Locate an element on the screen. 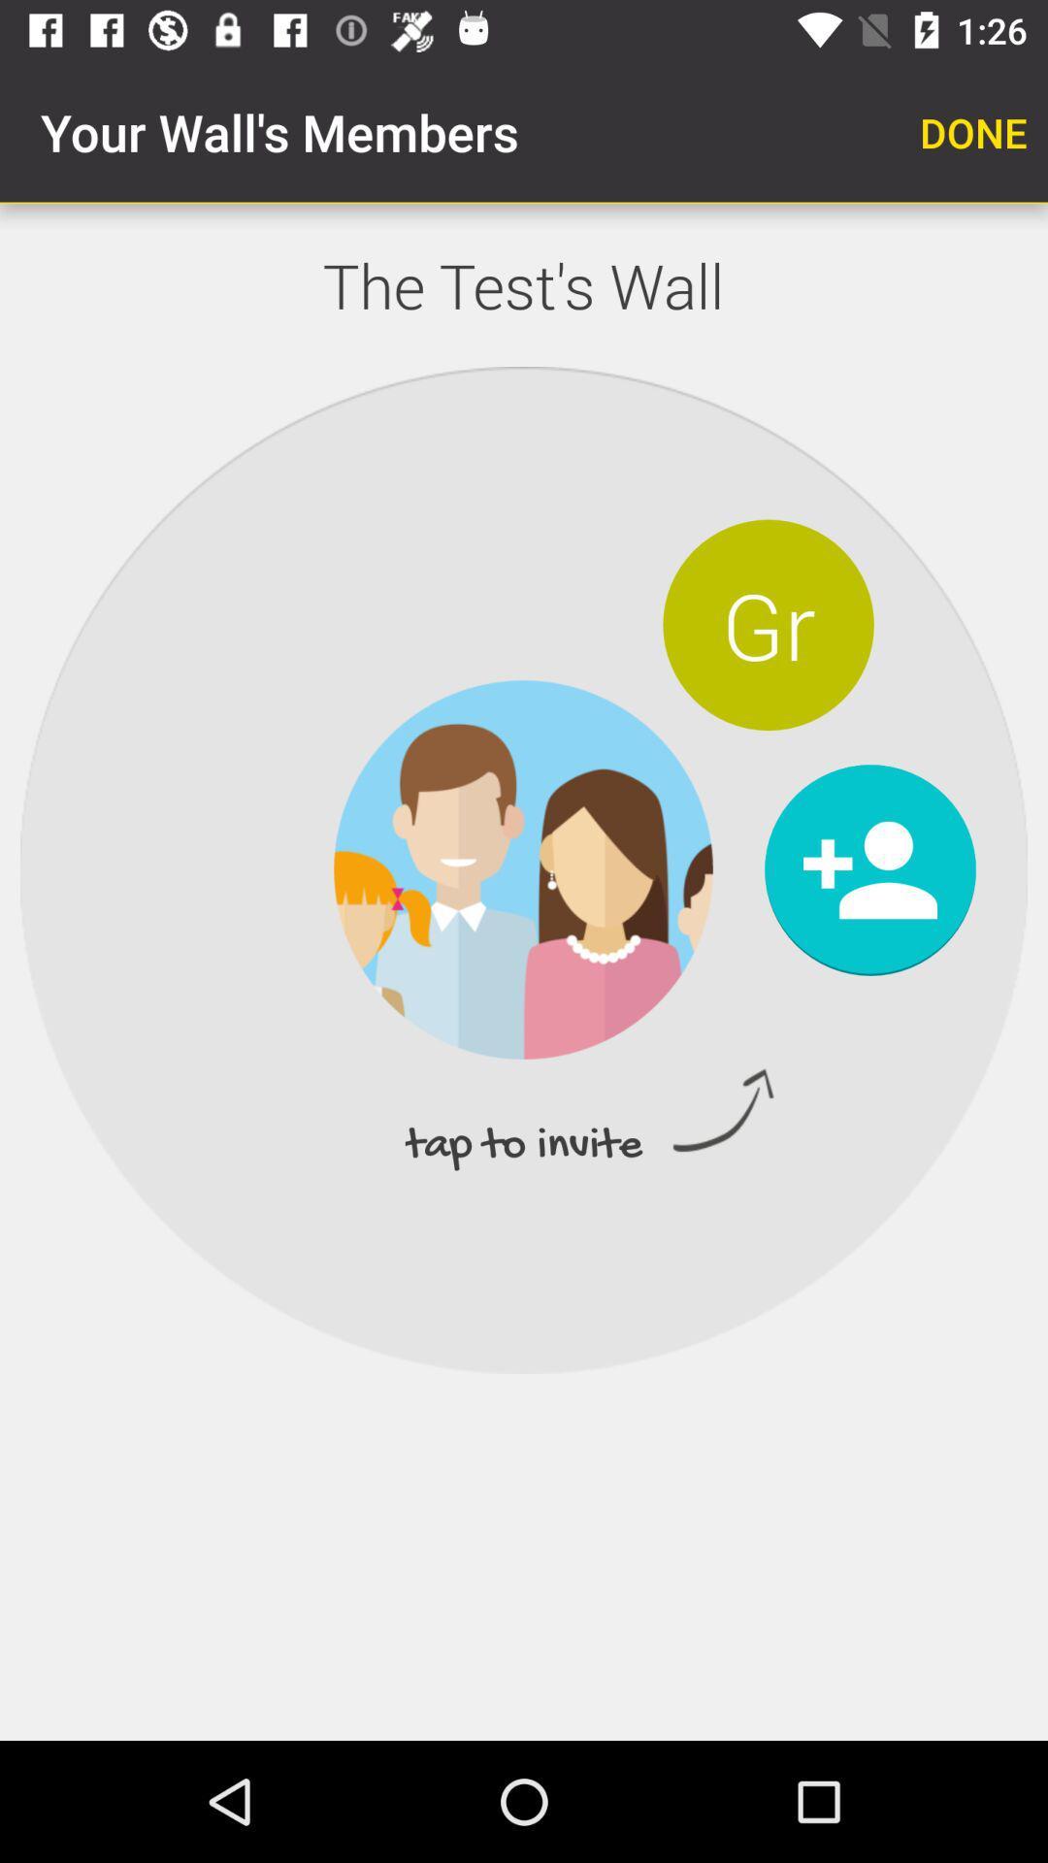 Image resolution: width=1048 pixels, height=1863 pixels. icon to the right of the your wall s app is located at coordinates (973, 131).